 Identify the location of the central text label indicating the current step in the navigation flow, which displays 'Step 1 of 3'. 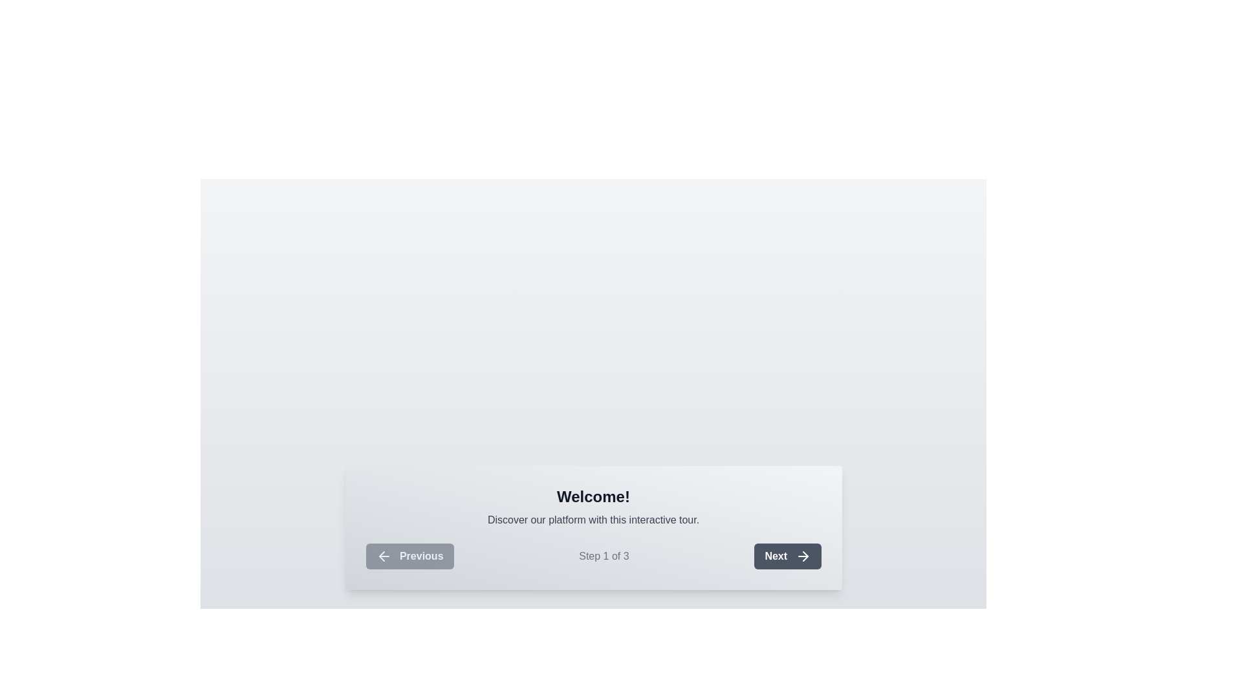
(593, 555).